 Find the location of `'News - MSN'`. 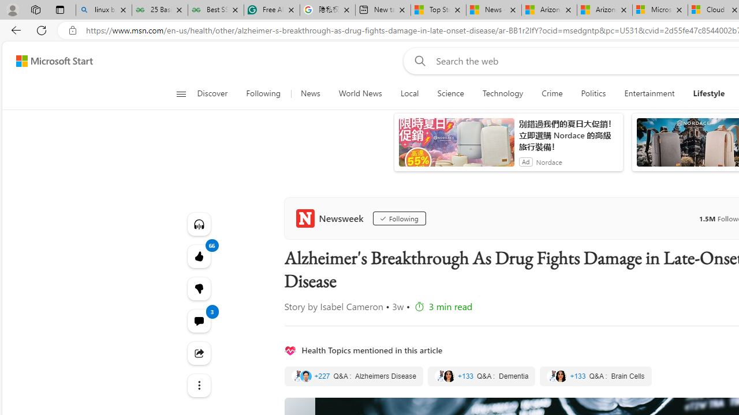

'News - MSN' is located at coordinates (494, 10).